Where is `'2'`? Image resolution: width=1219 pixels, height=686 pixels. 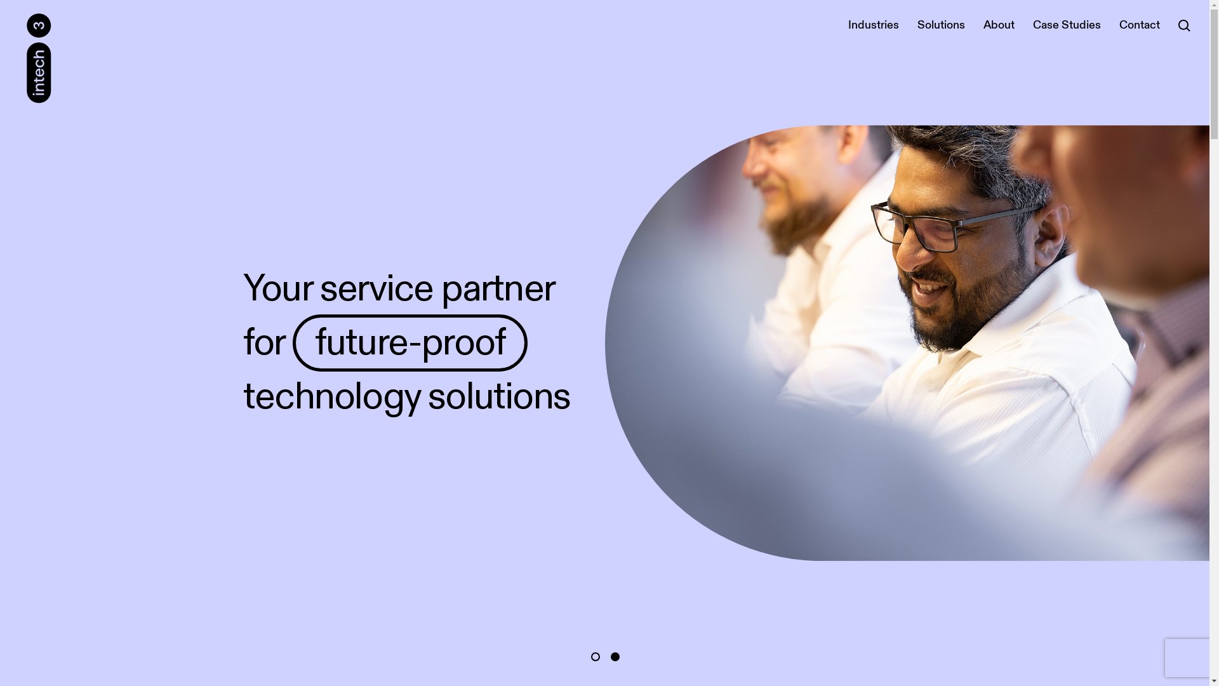
'2' is located at coordinates (610, 656).